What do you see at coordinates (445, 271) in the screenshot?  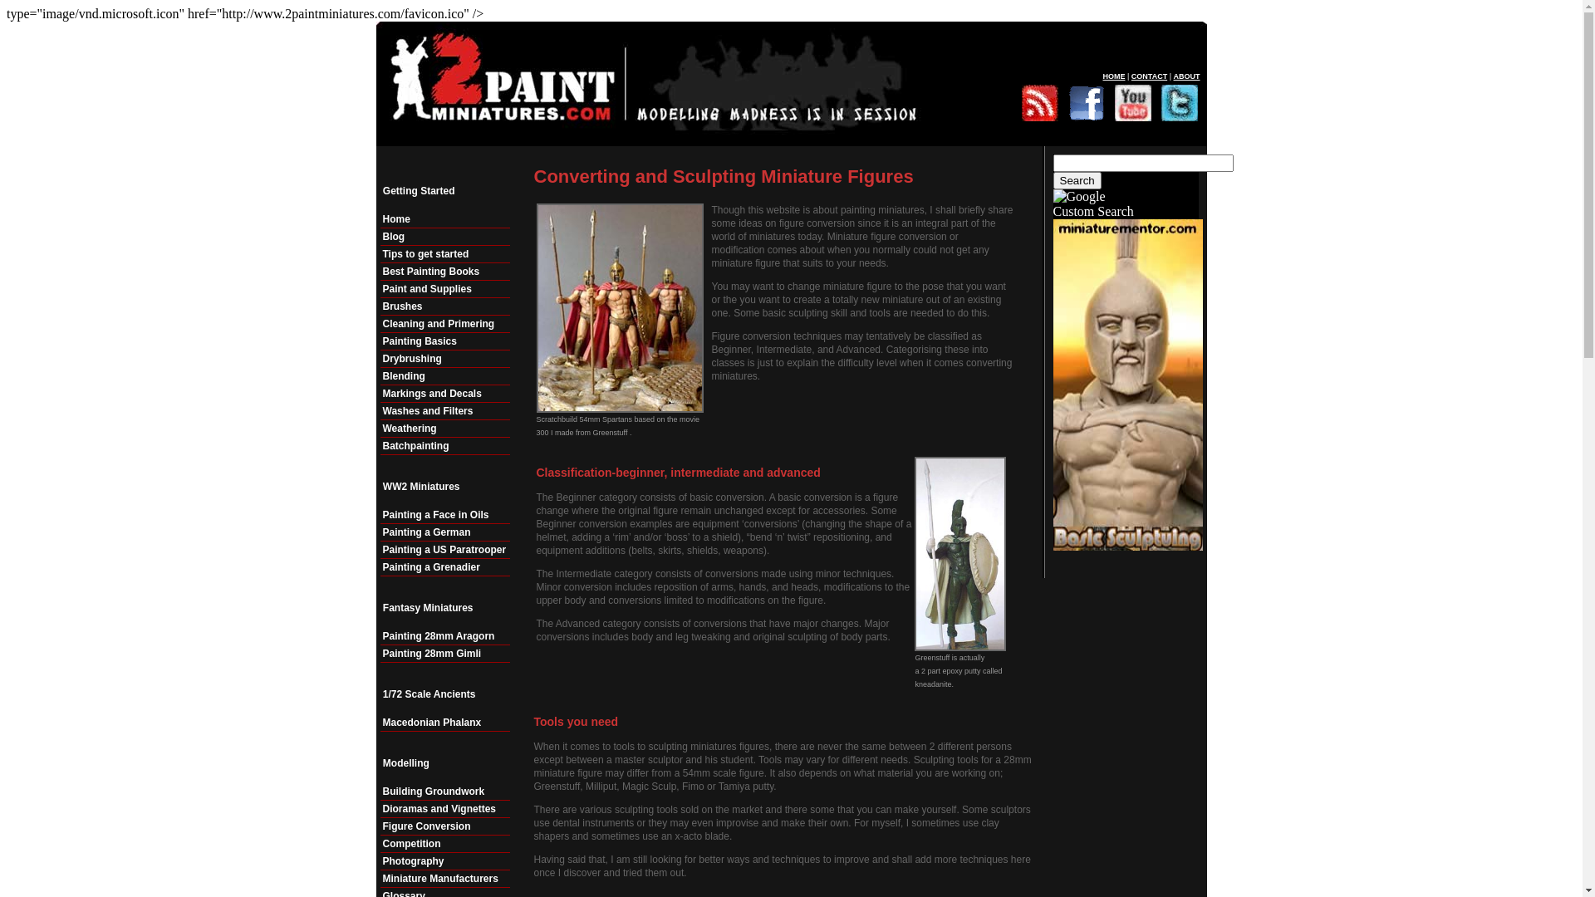 I see `'Best Painting Books'` at bounding box center [445, 271].